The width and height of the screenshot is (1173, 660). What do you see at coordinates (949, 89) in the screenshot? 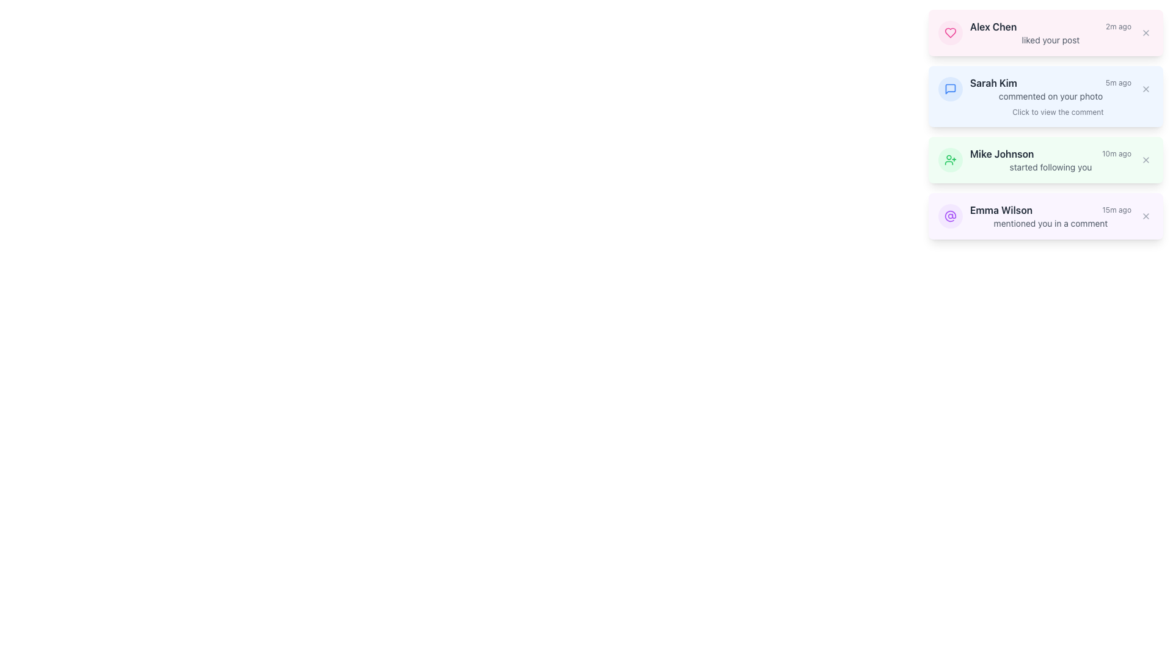
I see `the circular blue icon with a speech bubble symbol, which is a notification indicator for 'Sarah Kim', the second notification in the list` at bounding box center [949, 89].